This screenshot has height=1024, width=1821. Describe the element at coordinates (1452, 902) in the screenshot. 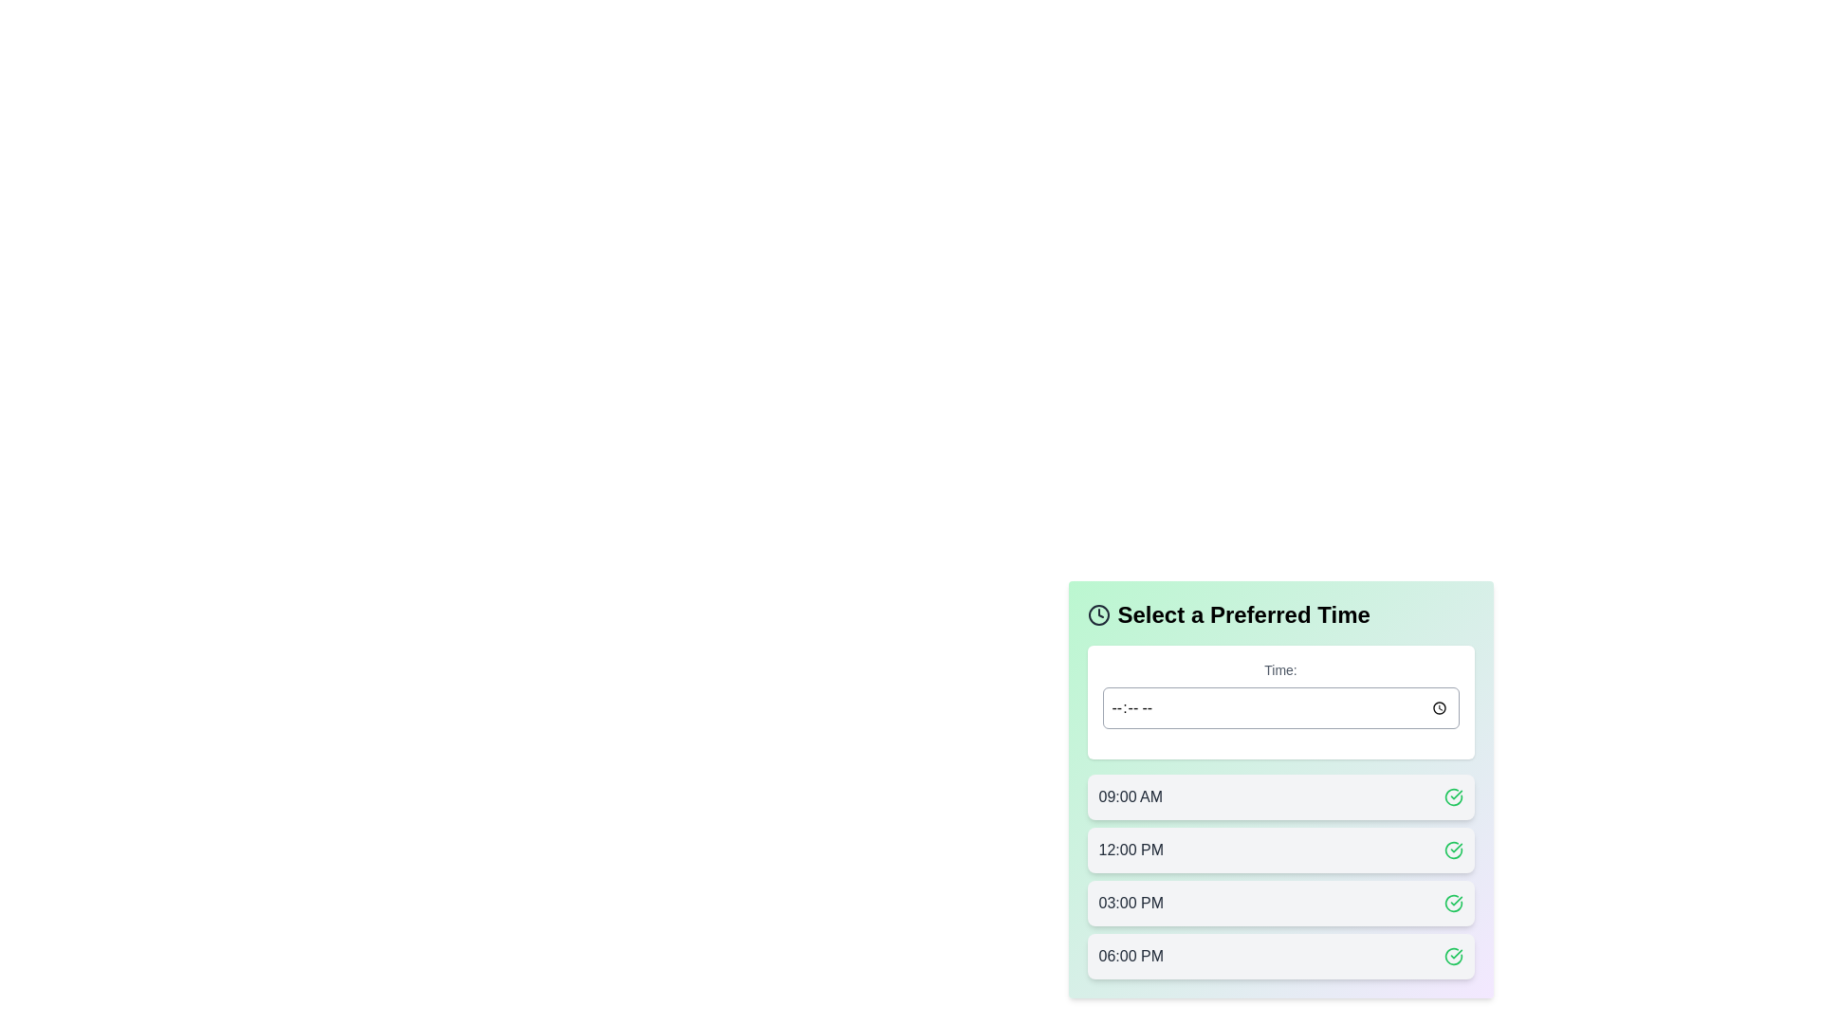

I see `the status of the icon indicating that the '03:00 PM' option is selected, located to the far-right side of the row containing '03:00 PM'` at that location.